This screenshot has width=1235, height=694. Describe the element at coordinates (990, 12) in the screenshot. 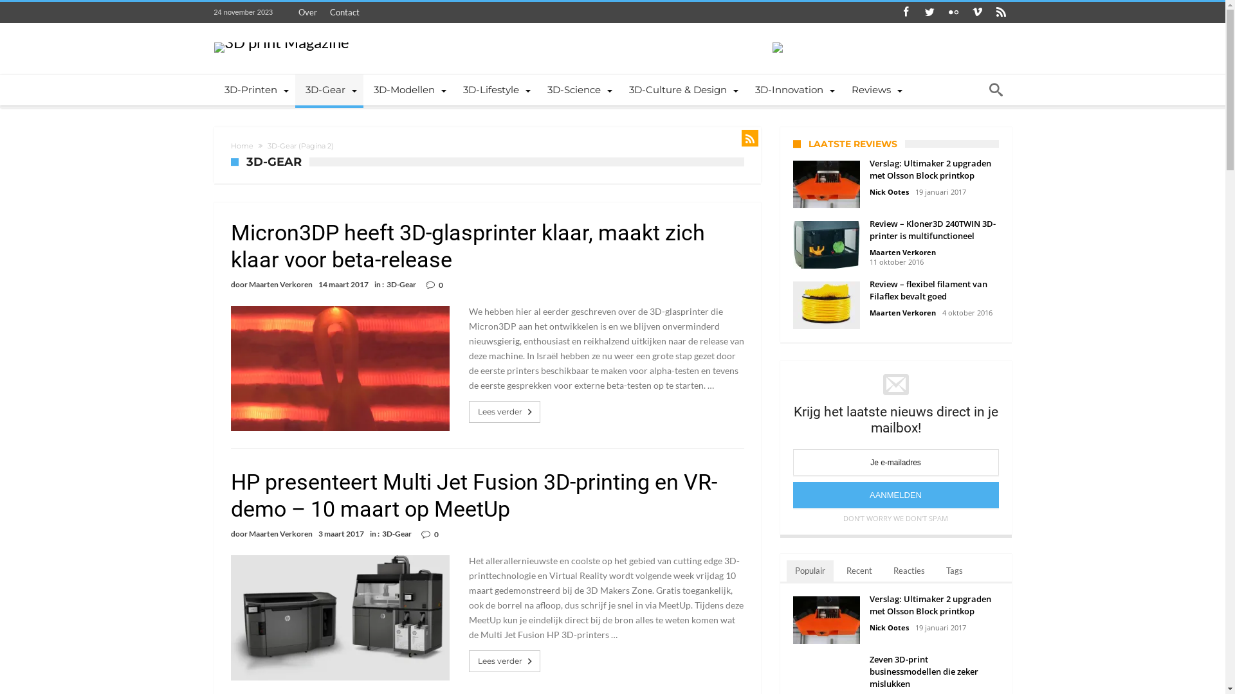

I see `'Rss'` at that location.